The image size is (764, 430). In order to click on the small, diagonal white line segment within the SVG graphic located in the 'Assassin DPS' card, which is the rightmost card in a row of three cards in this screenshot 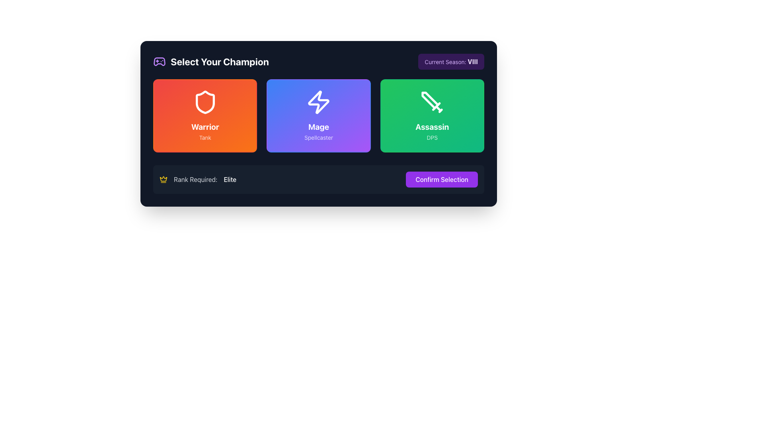, I will do `click(436, 106)`.